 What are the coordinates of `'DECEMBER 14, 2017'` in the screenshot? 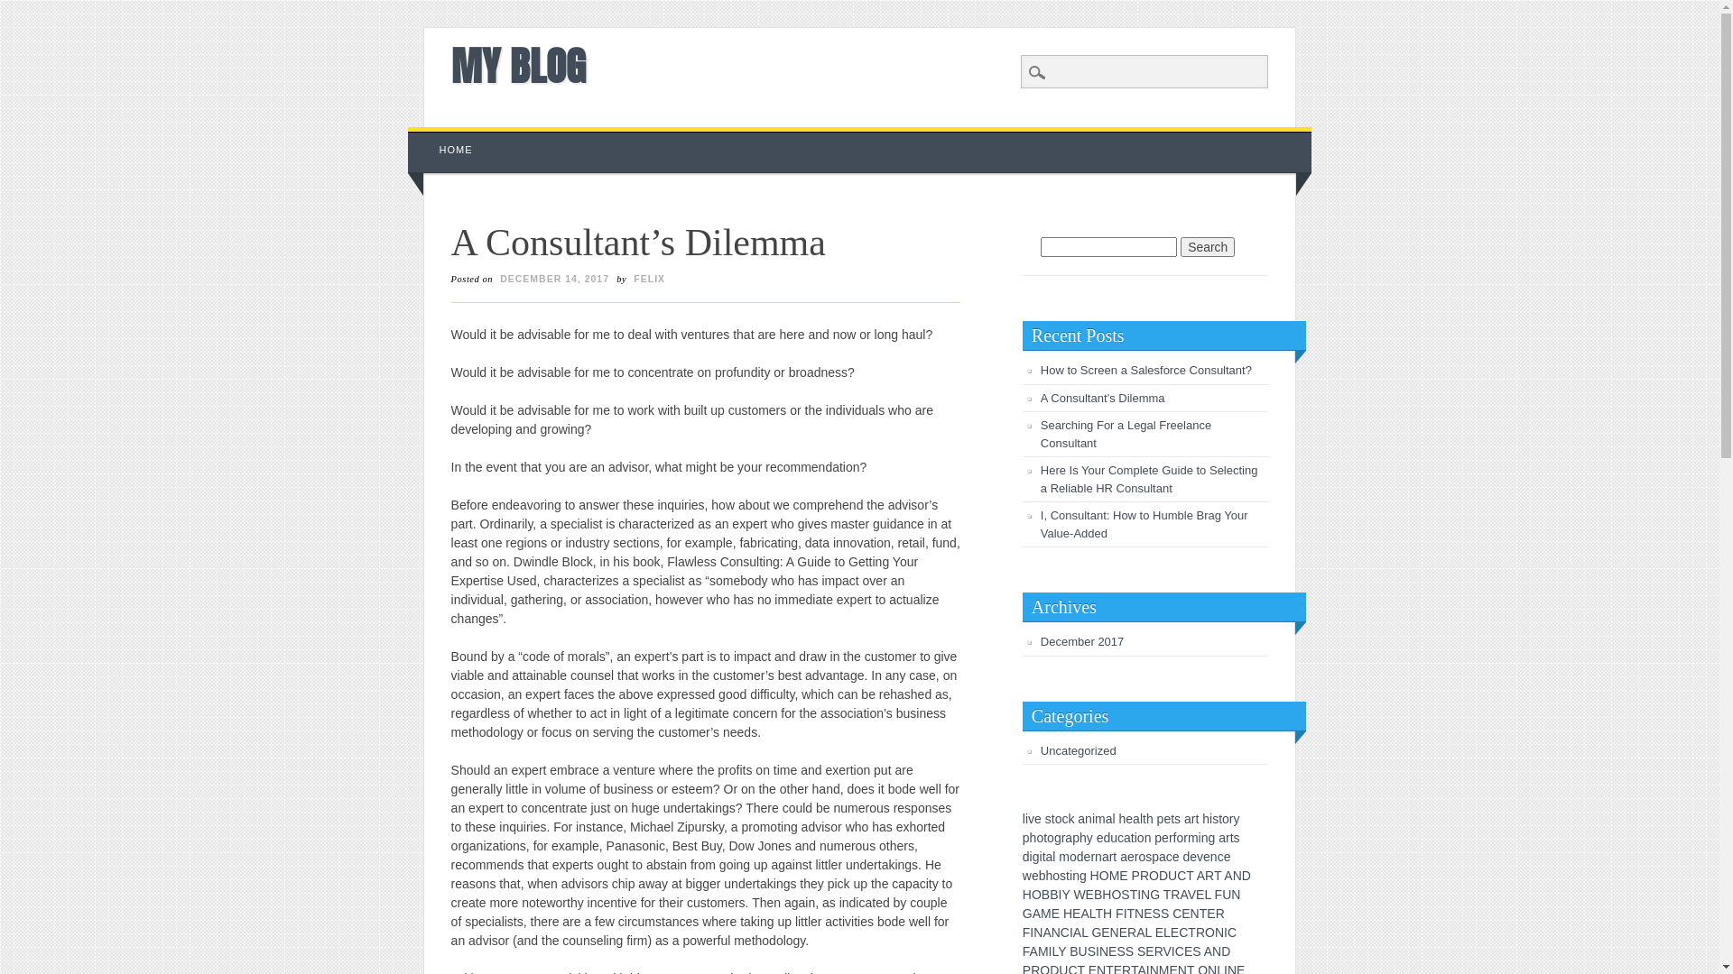 It's located at (553, 278).